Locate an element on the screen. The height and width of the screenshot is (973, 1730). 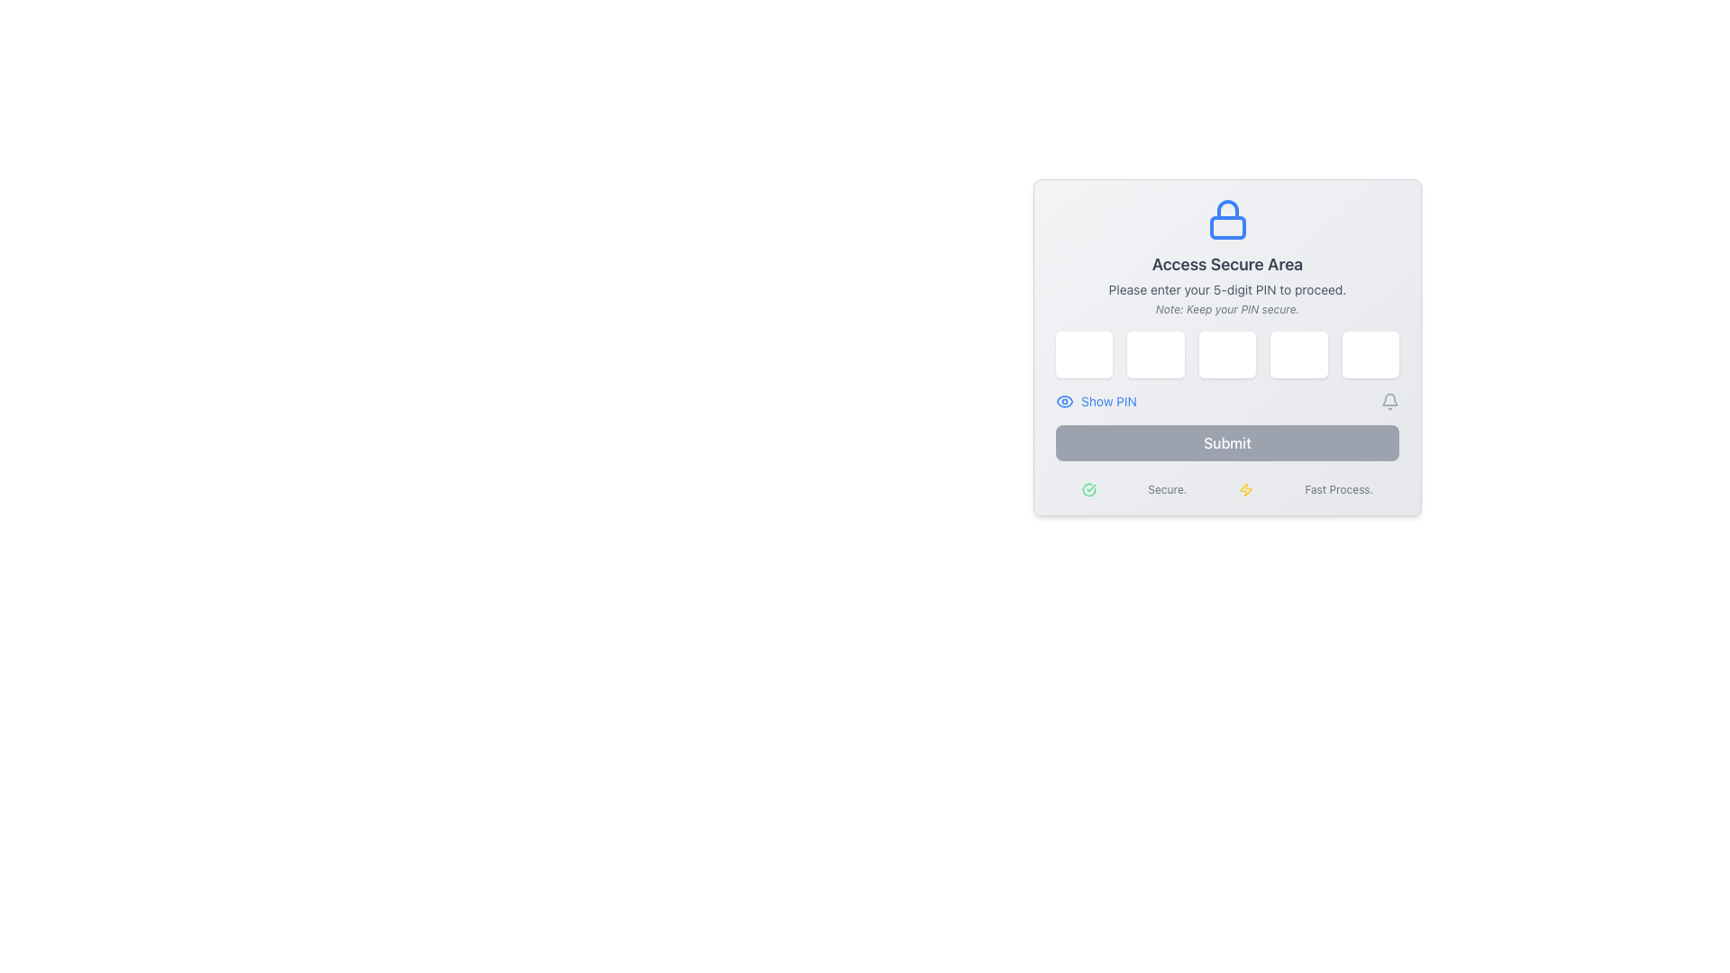
the cautionary reminder static text that advises on keeping the PIN secure, located under the instructions section of 'Access Secure Area' is located at coordinates (1226, 308).